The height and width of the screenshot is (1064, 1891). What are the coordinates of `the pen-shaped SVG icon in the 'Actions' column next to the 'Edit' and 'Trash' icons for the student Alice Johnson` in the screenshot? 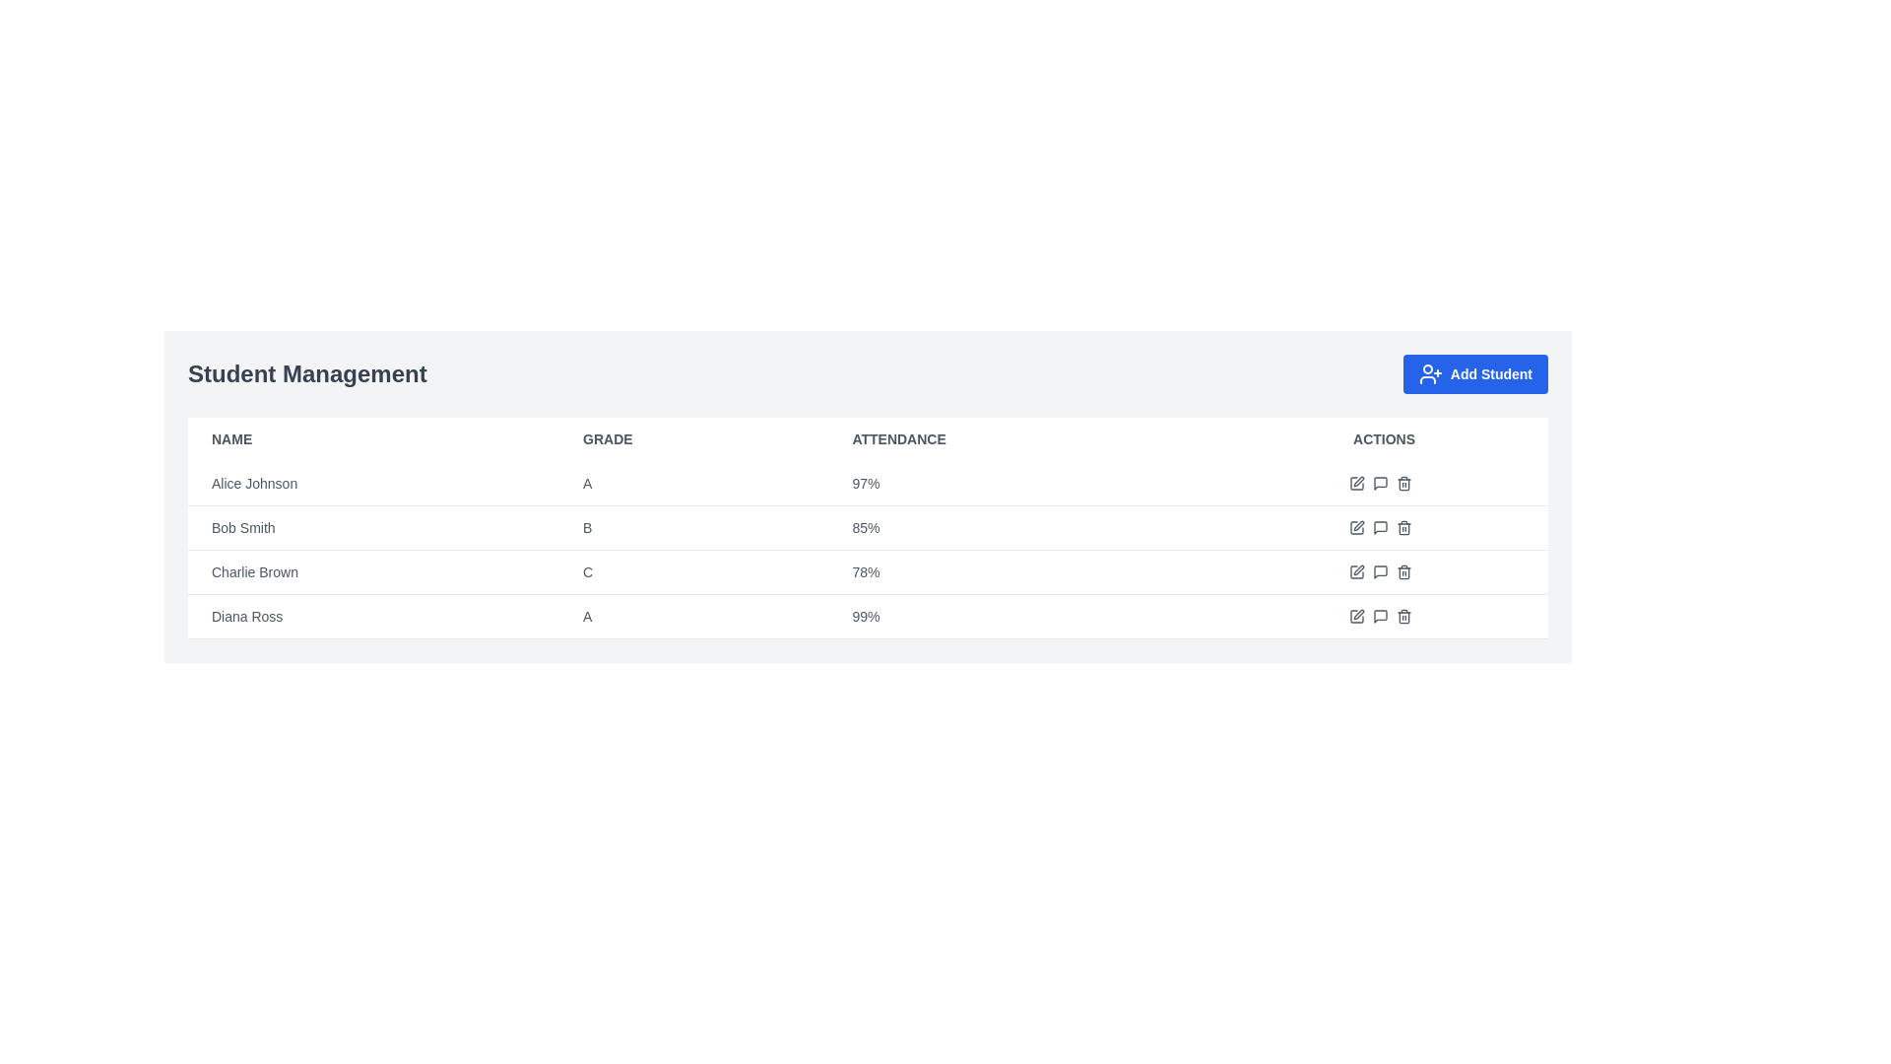 It's located at (1357, 482).